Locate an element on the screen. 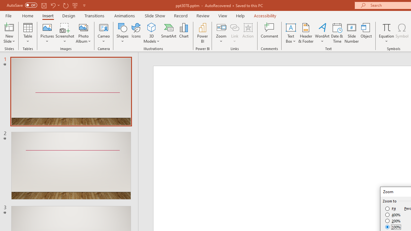 This screenshot has height=231, width=411. 'Table' is located at coordinates (28, 33).